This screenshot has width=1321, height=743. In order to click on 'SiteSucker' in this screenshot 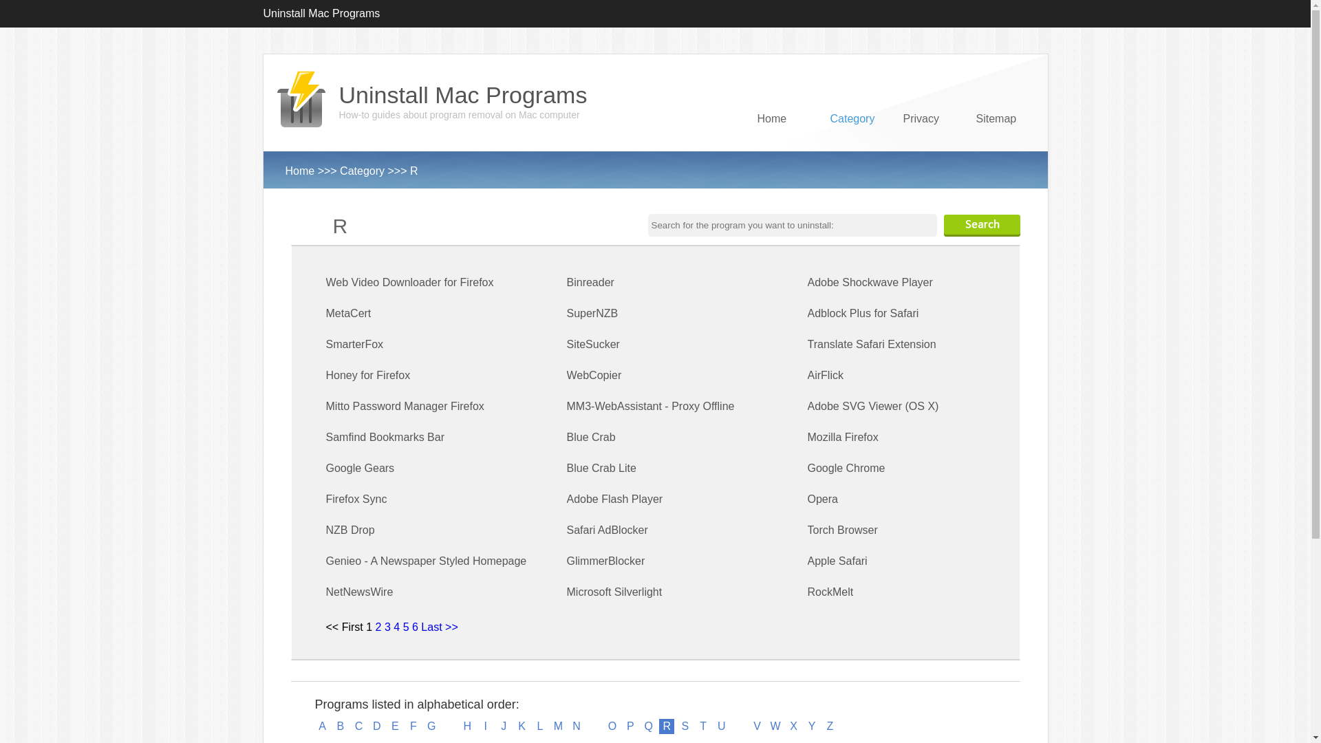, I will do `click(593, 343)`.